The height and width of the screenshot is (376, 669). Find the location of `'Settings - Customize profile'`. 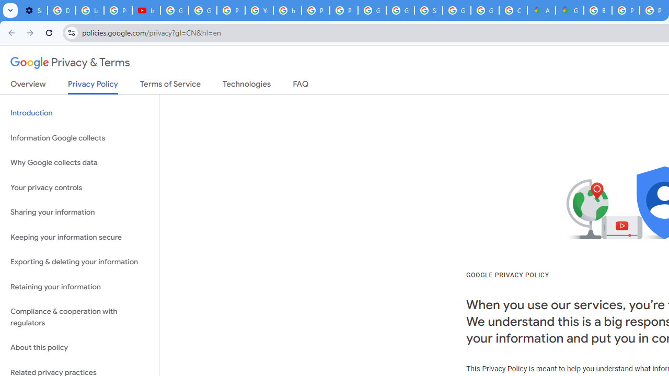

'Settings - Customize profile' is located at coordinates (33, 10).